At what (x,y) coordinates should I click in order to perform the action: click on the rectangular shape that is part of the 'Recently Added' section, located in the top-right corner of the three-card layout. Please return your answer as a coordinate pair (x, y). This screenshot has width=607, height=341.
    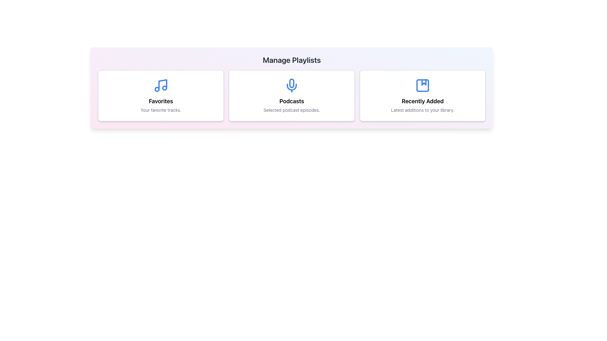
    Looking at the image, I should click on (423, 85).